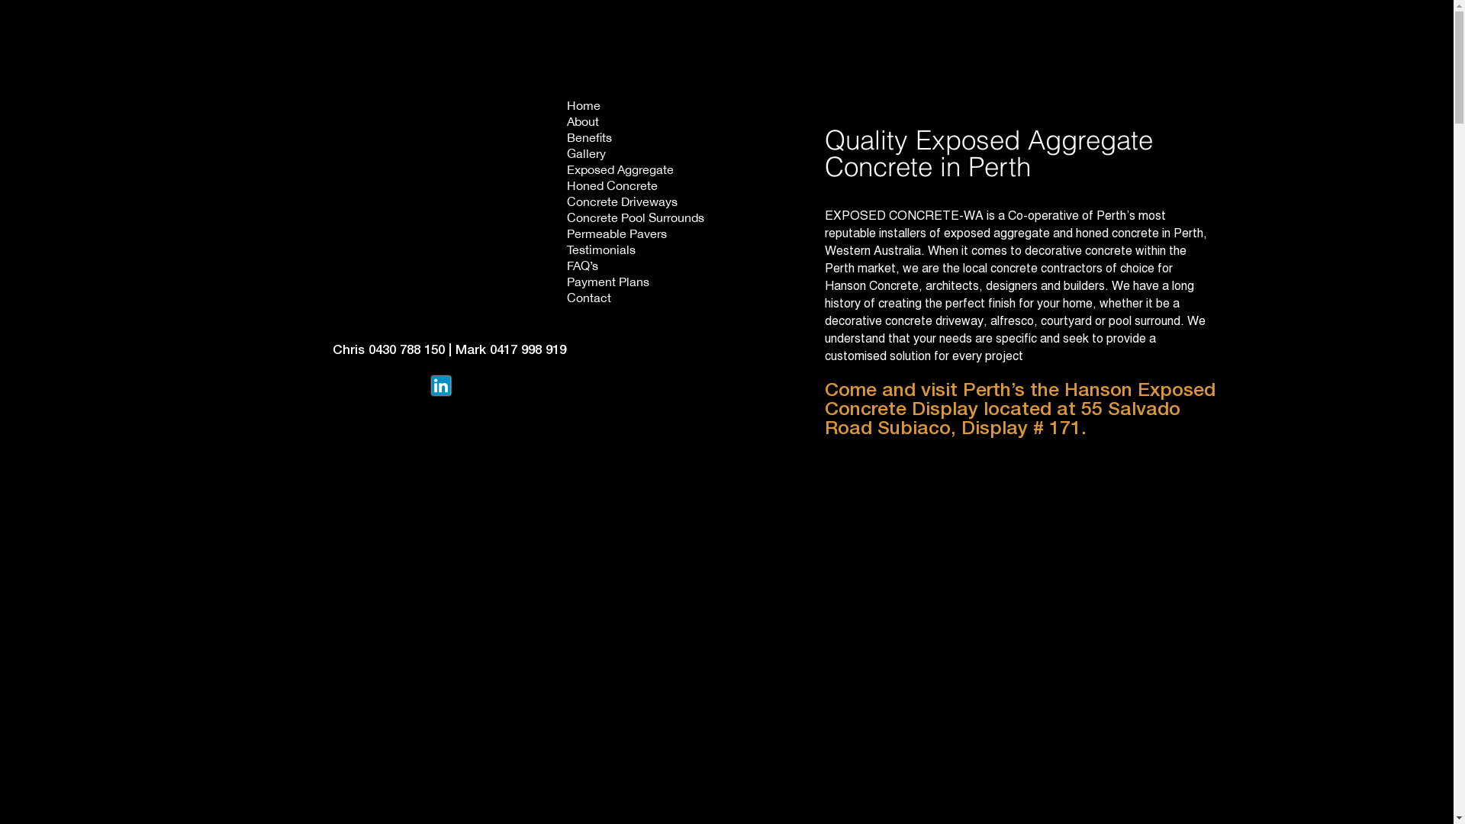 The image size is (1465, 824). What do you see at coordinates (636, 283) in the screenshot?
I see `'Payment Plans'` at bounding box center [636, 283].